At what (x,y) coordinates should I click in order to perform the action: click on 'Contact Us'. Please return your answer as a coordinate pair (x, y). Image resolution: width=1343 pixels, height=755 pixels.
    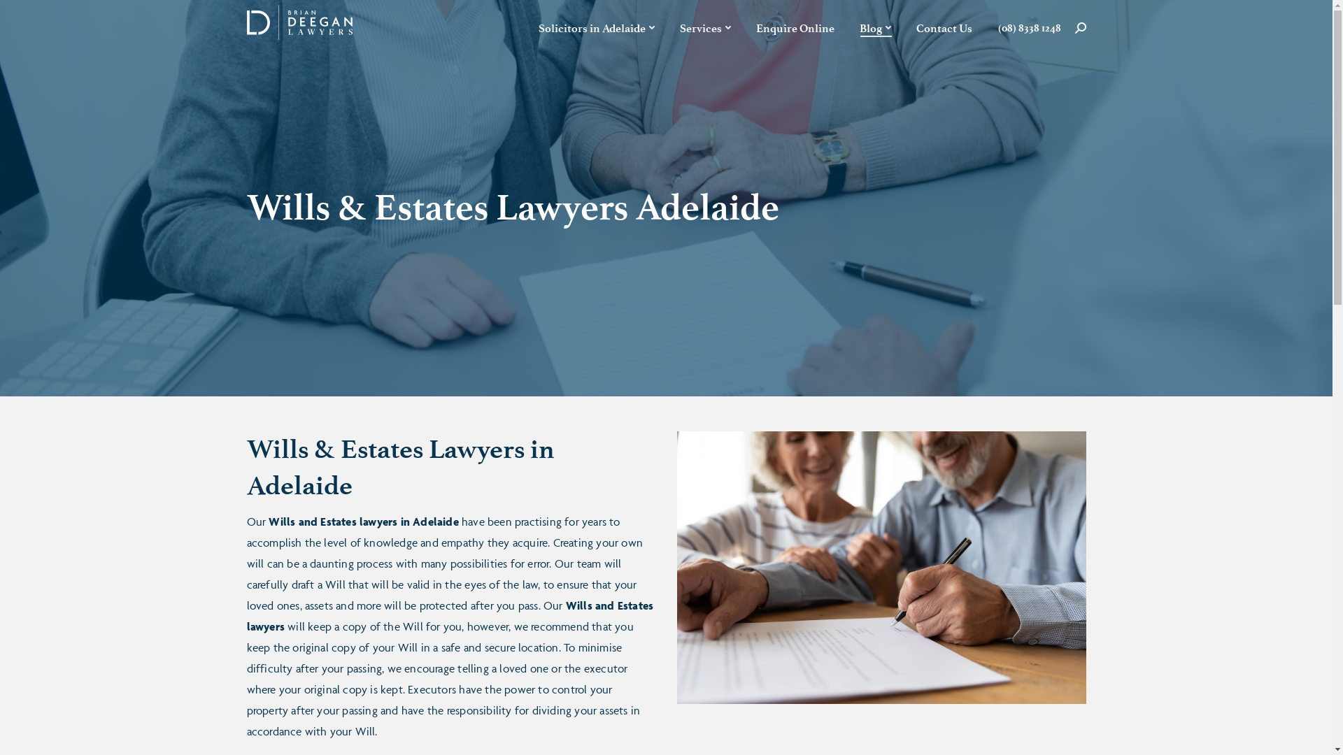
    Looking at the image, I should click on (944, 27).